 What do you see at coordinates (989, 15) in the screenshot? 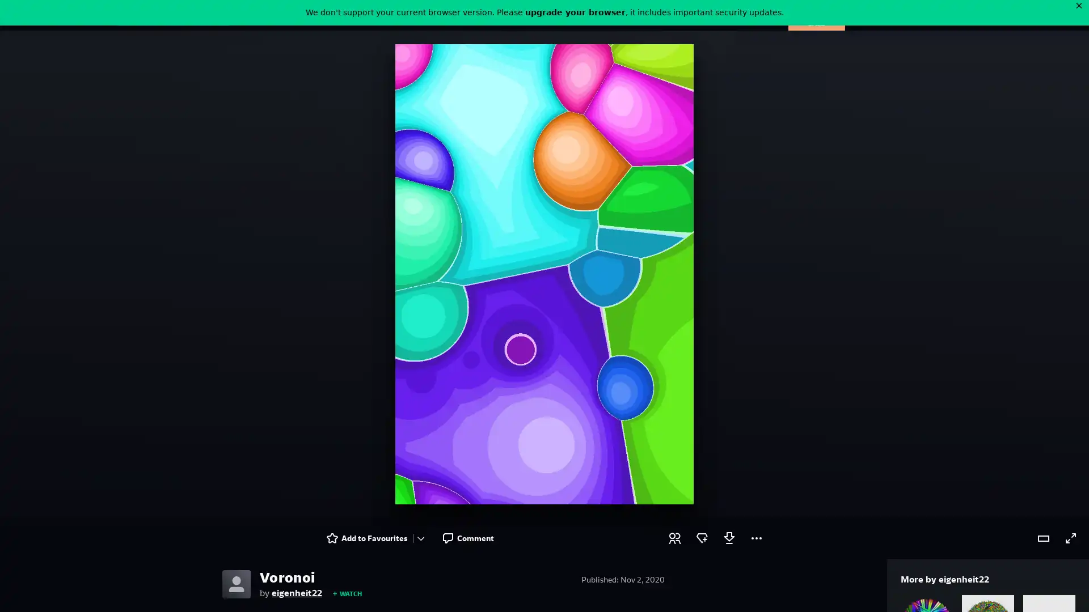
I see `User Menu` at bounding box center [989, 15].